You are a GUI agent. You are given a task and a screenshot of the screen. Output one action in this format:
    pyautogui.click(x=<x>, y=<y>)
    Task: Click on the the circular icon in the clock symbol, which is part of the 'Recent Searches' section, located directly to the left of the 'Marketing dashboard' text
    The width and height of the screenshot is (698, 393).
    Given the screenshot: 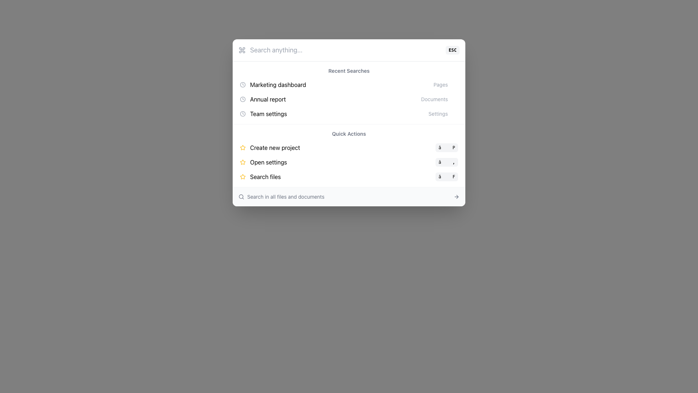 What is the action you would take?
    pyautogui.click(x=242, y=99)
    